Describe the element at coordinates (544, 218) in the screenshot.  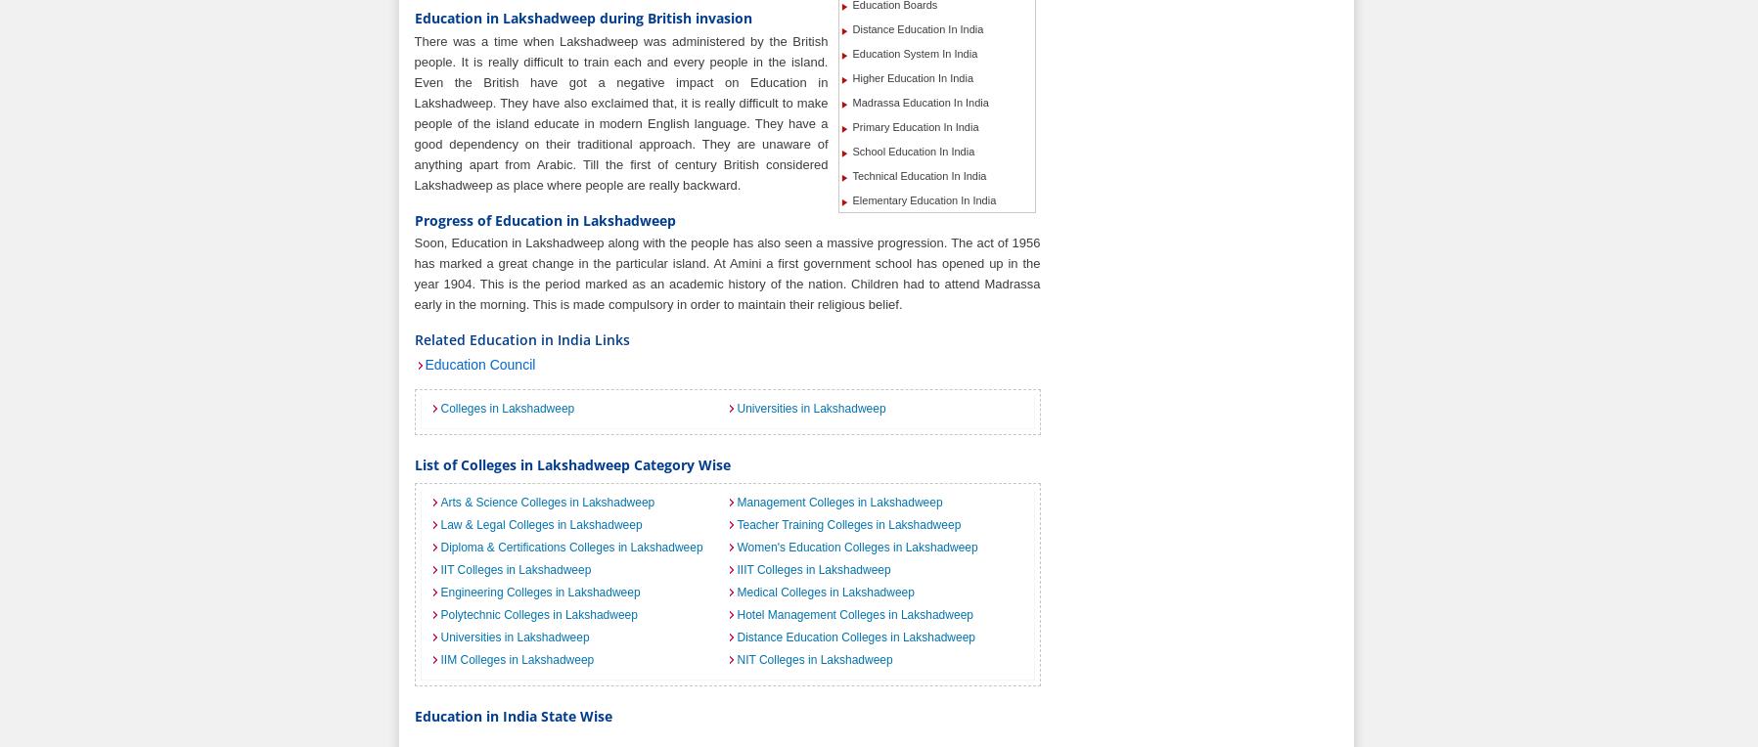
I see `'Progress of Education in Lakshadweep'` at that location.